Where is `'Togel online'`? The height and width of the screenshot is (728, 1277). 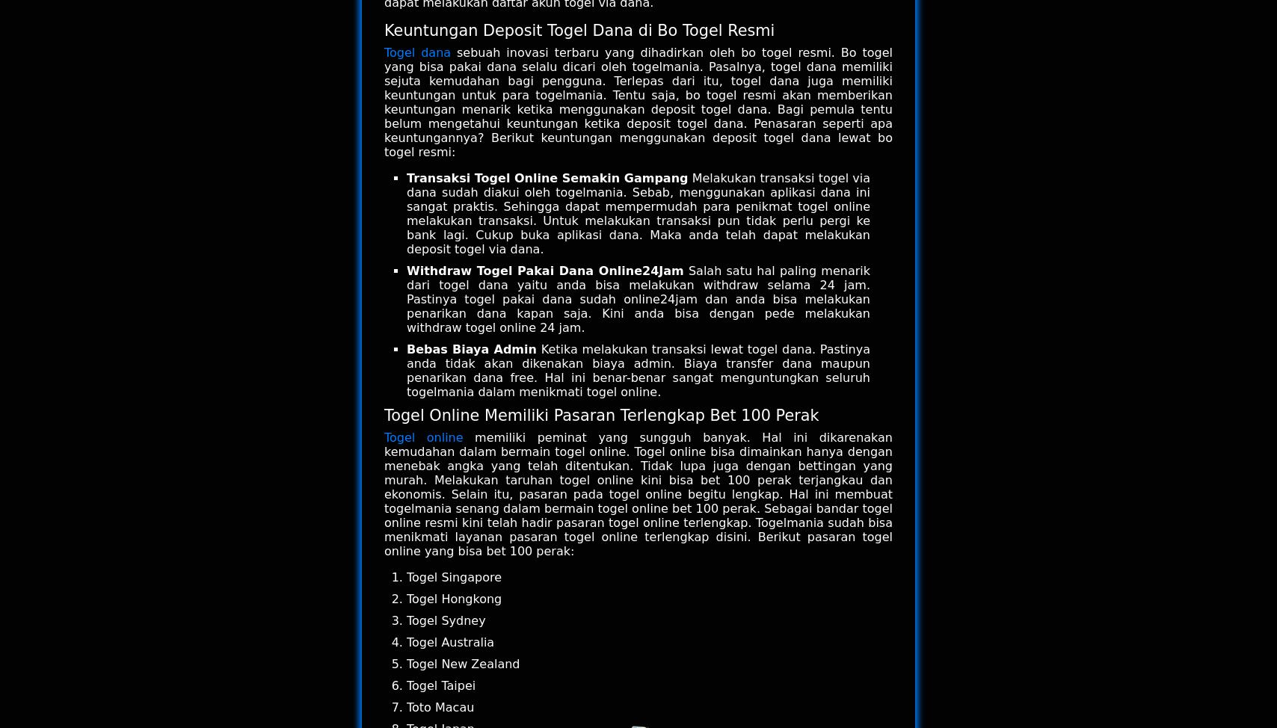 'Togel online' is located at coordinates (423, 437).